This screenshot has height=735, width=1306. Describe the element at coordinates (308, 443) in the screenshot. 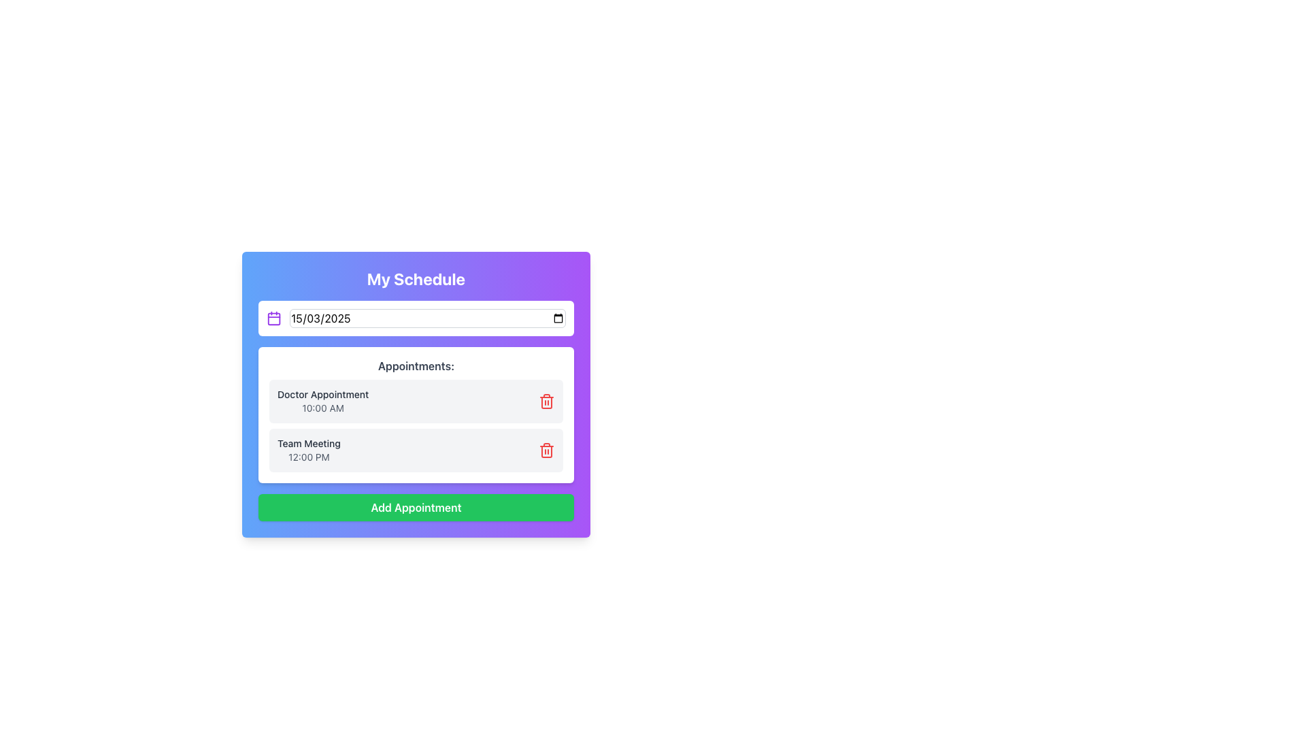

I see `the static text displaying the title of a scheduled appointment, located above the '12:00 PM' text in the 'Appointments' section` at that location.